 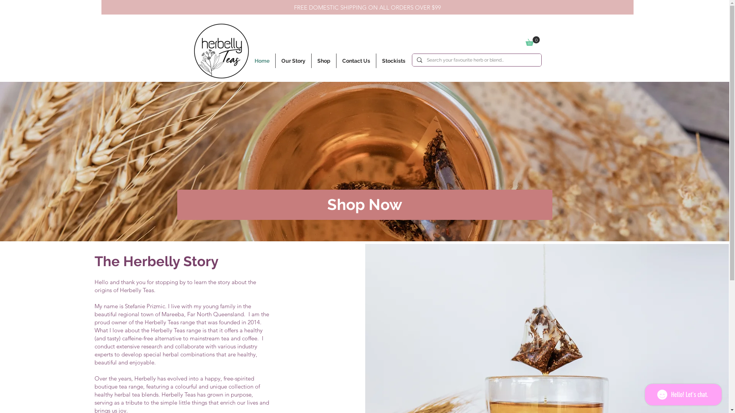 What do you see at coordinates (276, 60) in the screenshot?
I see `'Our Story'` at bounding box center [276, 60].